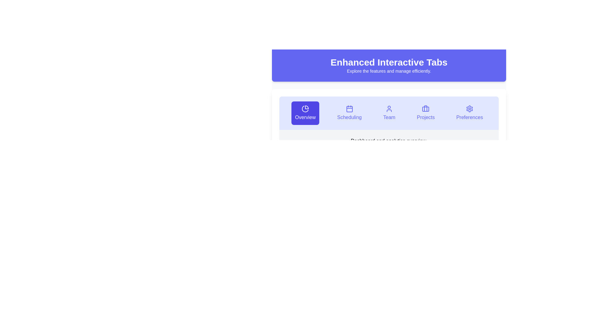 The height and width of the screenshot is (334, 594). Describe the element at coordinates (425, 118) in the screenshot. I see `the 'Projects' navigation tab label, which is located on the right section of the navigational interface, fourth from the left, under a briefcase icon` at that location.